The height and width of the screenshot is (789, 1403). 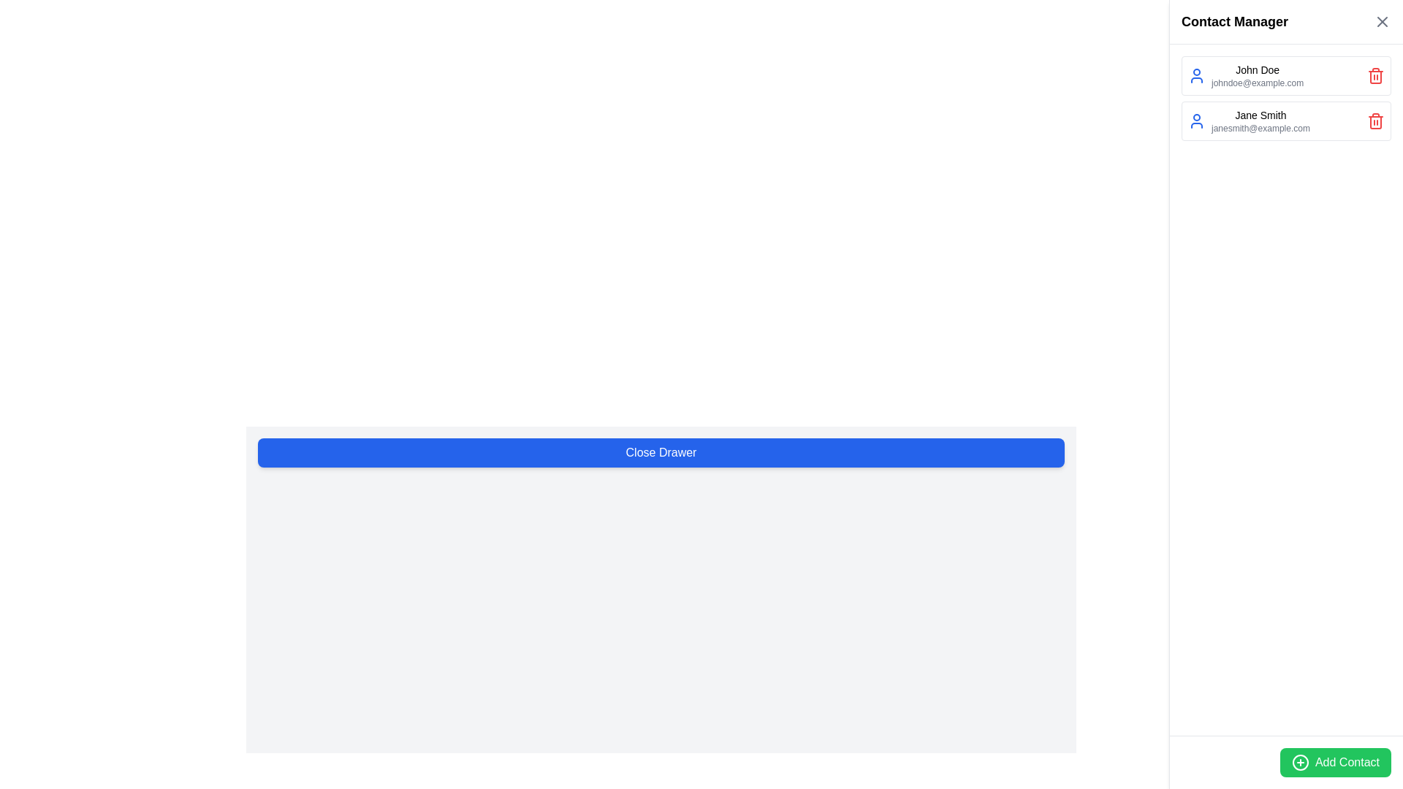 I want to click on the user icon in the contact list interface that represents 'John Doe', located to the left of the text 'johndoe@example.com', so click(x=1196, y=76).